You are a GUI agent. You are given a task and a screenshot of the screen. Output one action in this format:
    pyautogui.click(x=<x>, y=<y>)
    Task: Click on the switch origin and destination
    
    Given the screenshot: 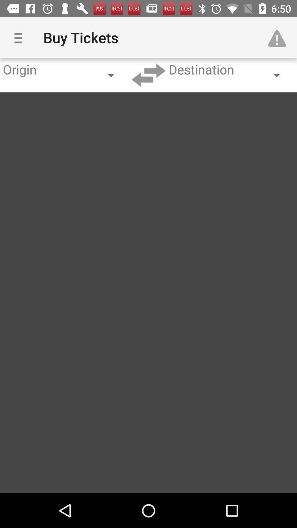 What is the action you would take?
    pyautogui.click(x=148, y=75)
    